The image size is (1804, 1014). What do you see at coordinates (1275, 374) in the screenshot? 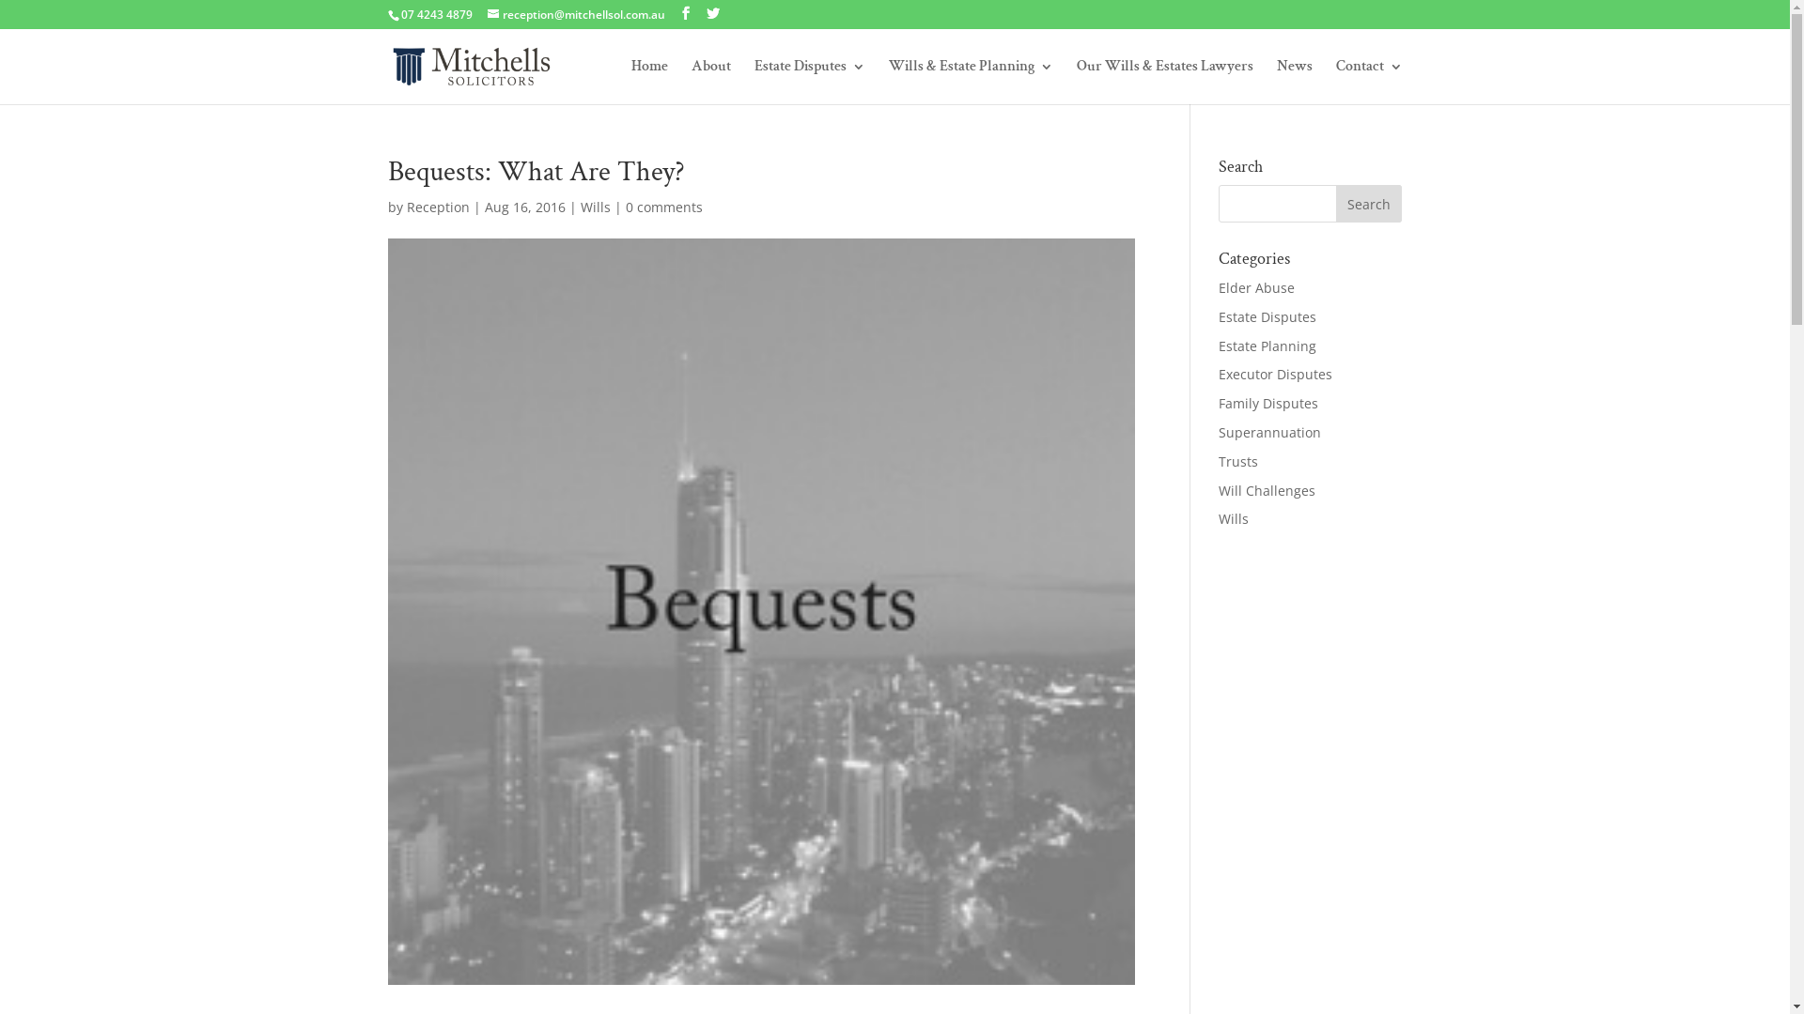
I see `'Executor Disputes'` at bounding box center [1275, 374].